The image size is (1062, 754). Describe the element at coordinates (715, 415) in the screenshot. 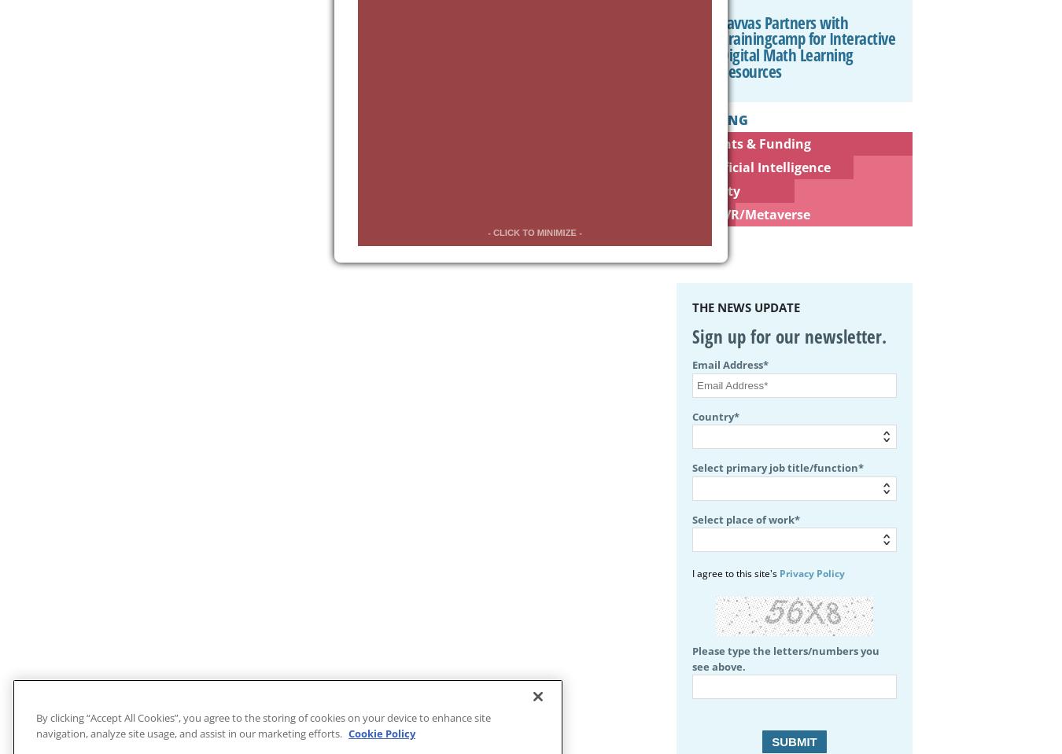

I see `'Country*'` at that location.